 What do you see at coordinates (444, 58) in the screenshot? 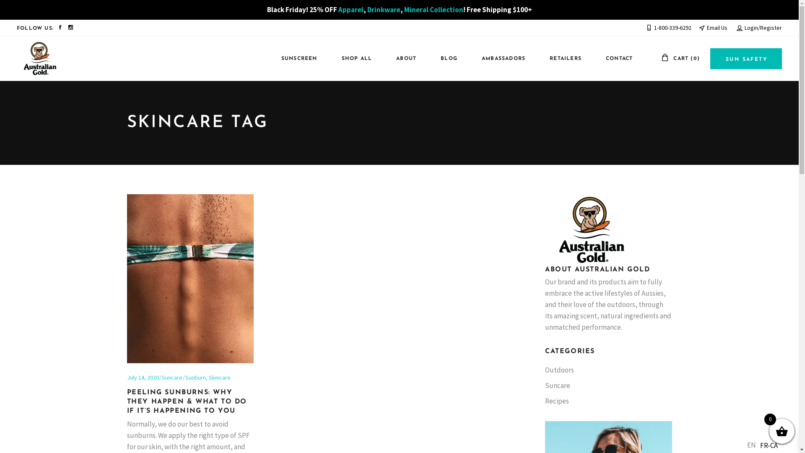
I see `'BLOG'` at bounding box center [444, 58].